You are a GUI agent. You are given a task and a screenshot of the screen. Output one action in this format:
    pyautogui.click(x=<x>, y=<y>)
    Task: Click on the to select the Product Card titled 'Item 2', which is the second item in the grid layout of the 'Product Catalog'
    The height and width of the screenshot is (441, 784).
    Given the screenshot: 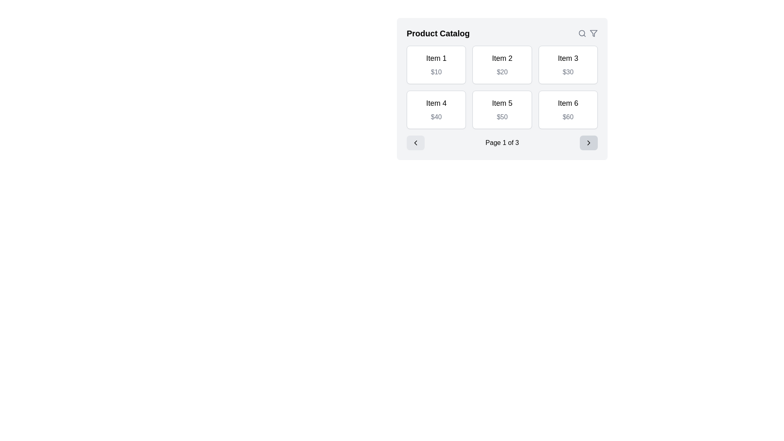 What is the action you would take?
    pyautogui.click(x=501, y=64)
    